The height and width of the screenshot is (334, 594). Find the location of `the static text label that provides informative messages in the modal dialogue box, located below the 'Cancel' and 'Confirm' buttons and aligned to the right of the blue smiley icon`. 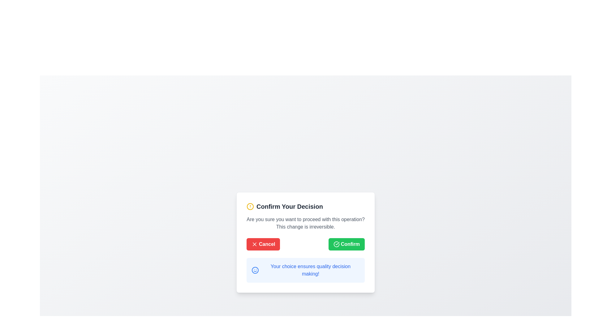

the static text label that provides informative messages in the modal dialogue box, located below the 'Cancel' and 'Confirm' buttons and aligned to the right of the blue smiley icon is located at coordinates (310, 270).